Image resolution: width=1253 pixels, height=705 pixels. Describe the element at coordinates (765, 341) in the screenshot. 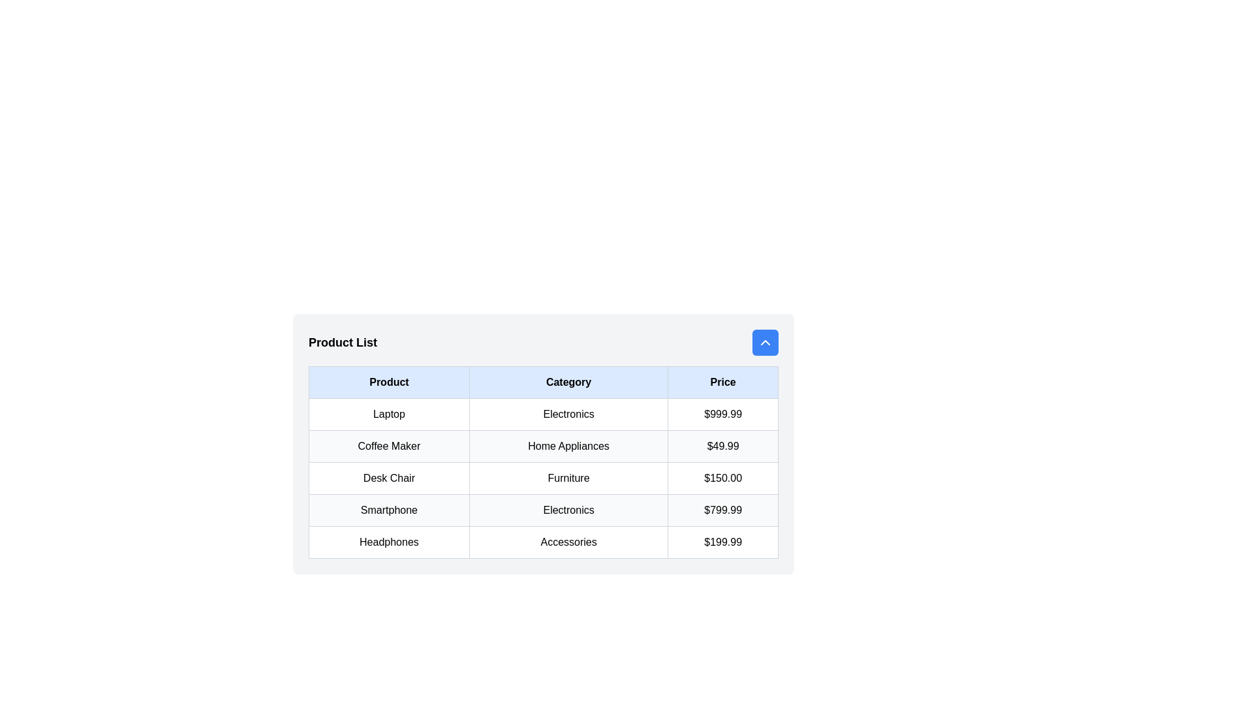

I see `the icon located in the top-right corner of the table header` at that location.